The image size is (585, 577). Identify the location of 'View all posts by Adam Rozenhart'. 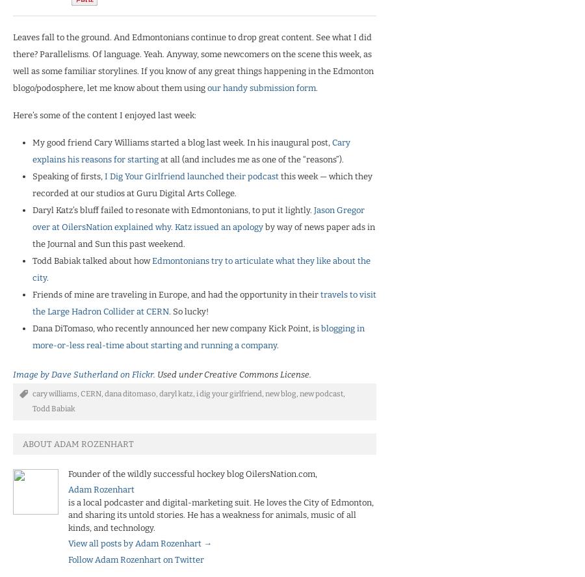
(135, 543).